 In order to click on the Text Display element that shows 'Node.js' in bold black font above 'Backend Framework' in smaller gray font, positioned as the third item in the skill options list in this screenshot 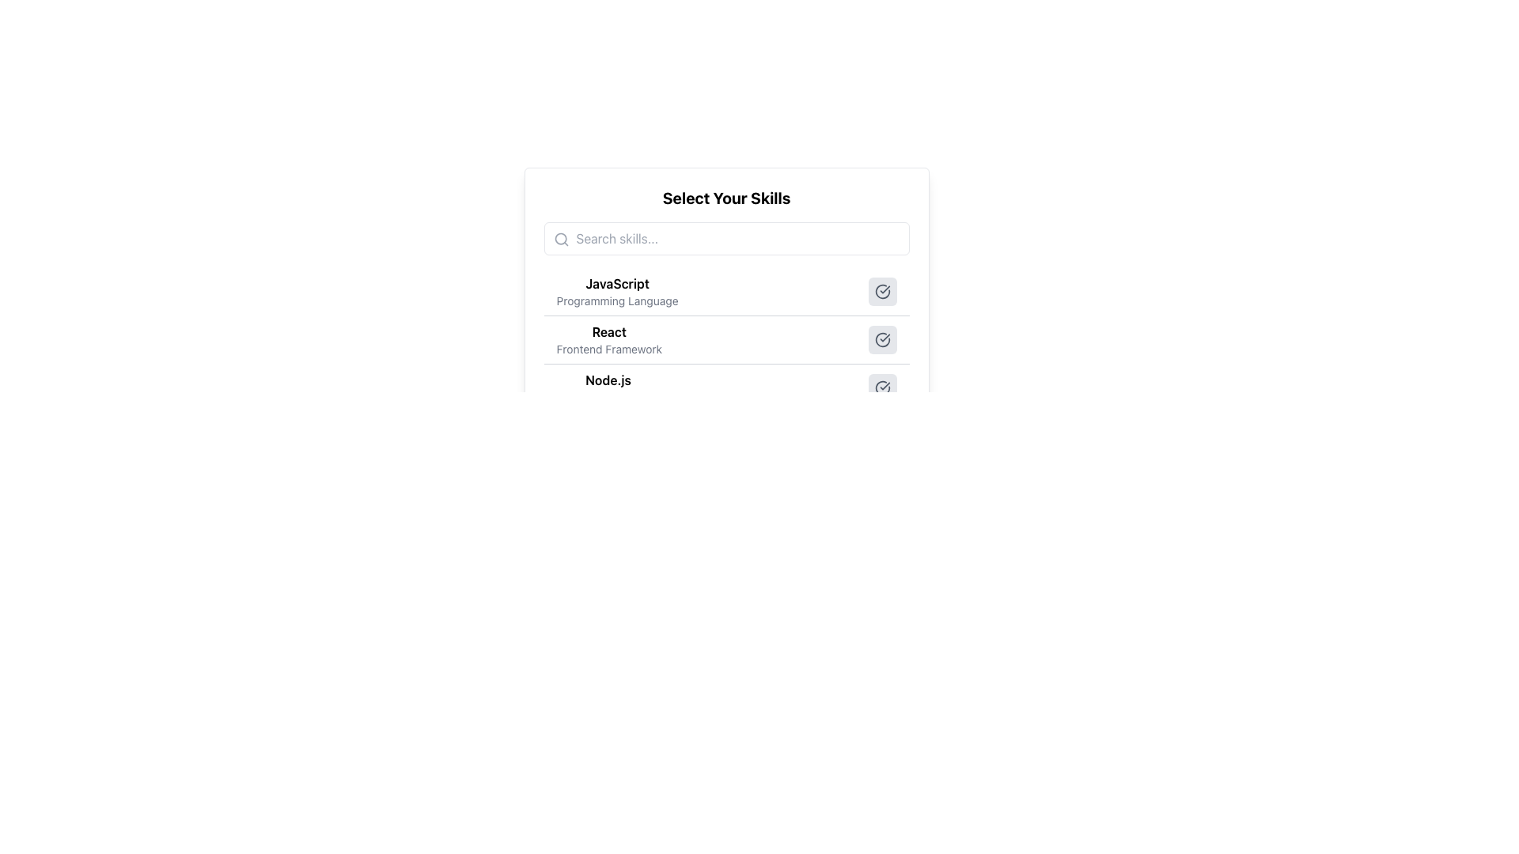, I will do `click(608, 387)`.